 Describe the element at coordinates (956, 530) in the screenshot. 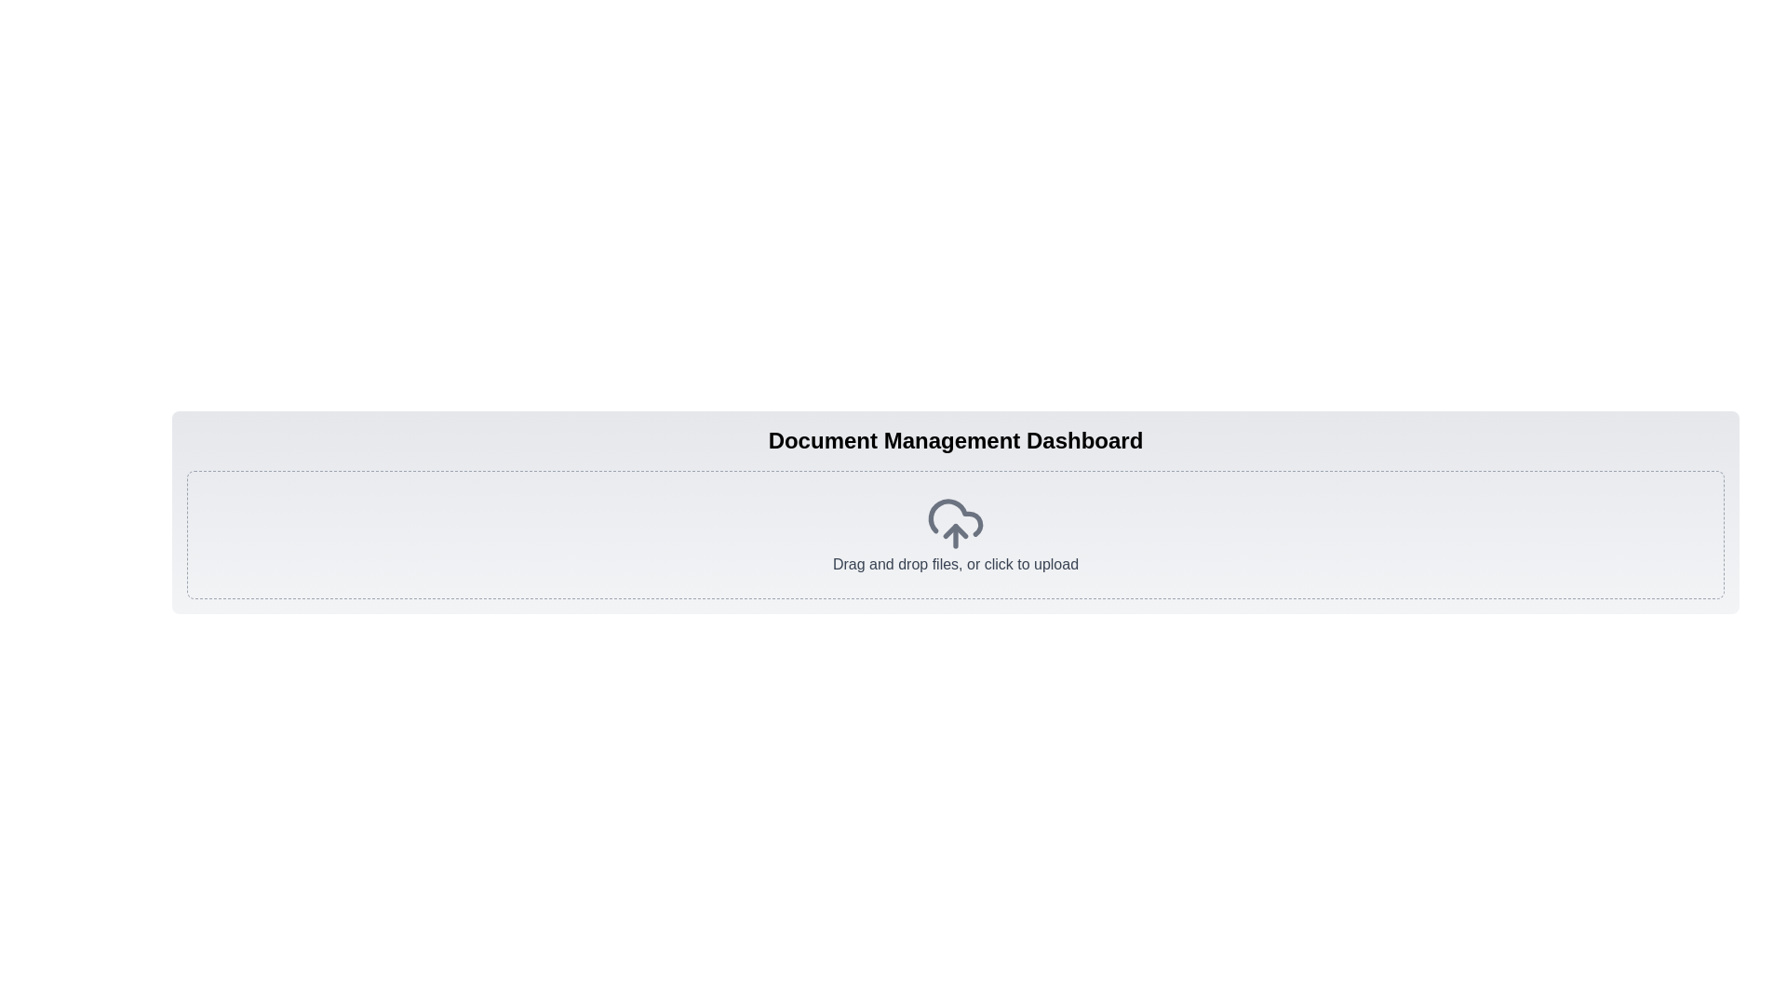

I see `the upload icon within the SVG graphic, which is part of the larger cloud upload symbol located centrally below the title 'Document Management Dashboard'` at that location.